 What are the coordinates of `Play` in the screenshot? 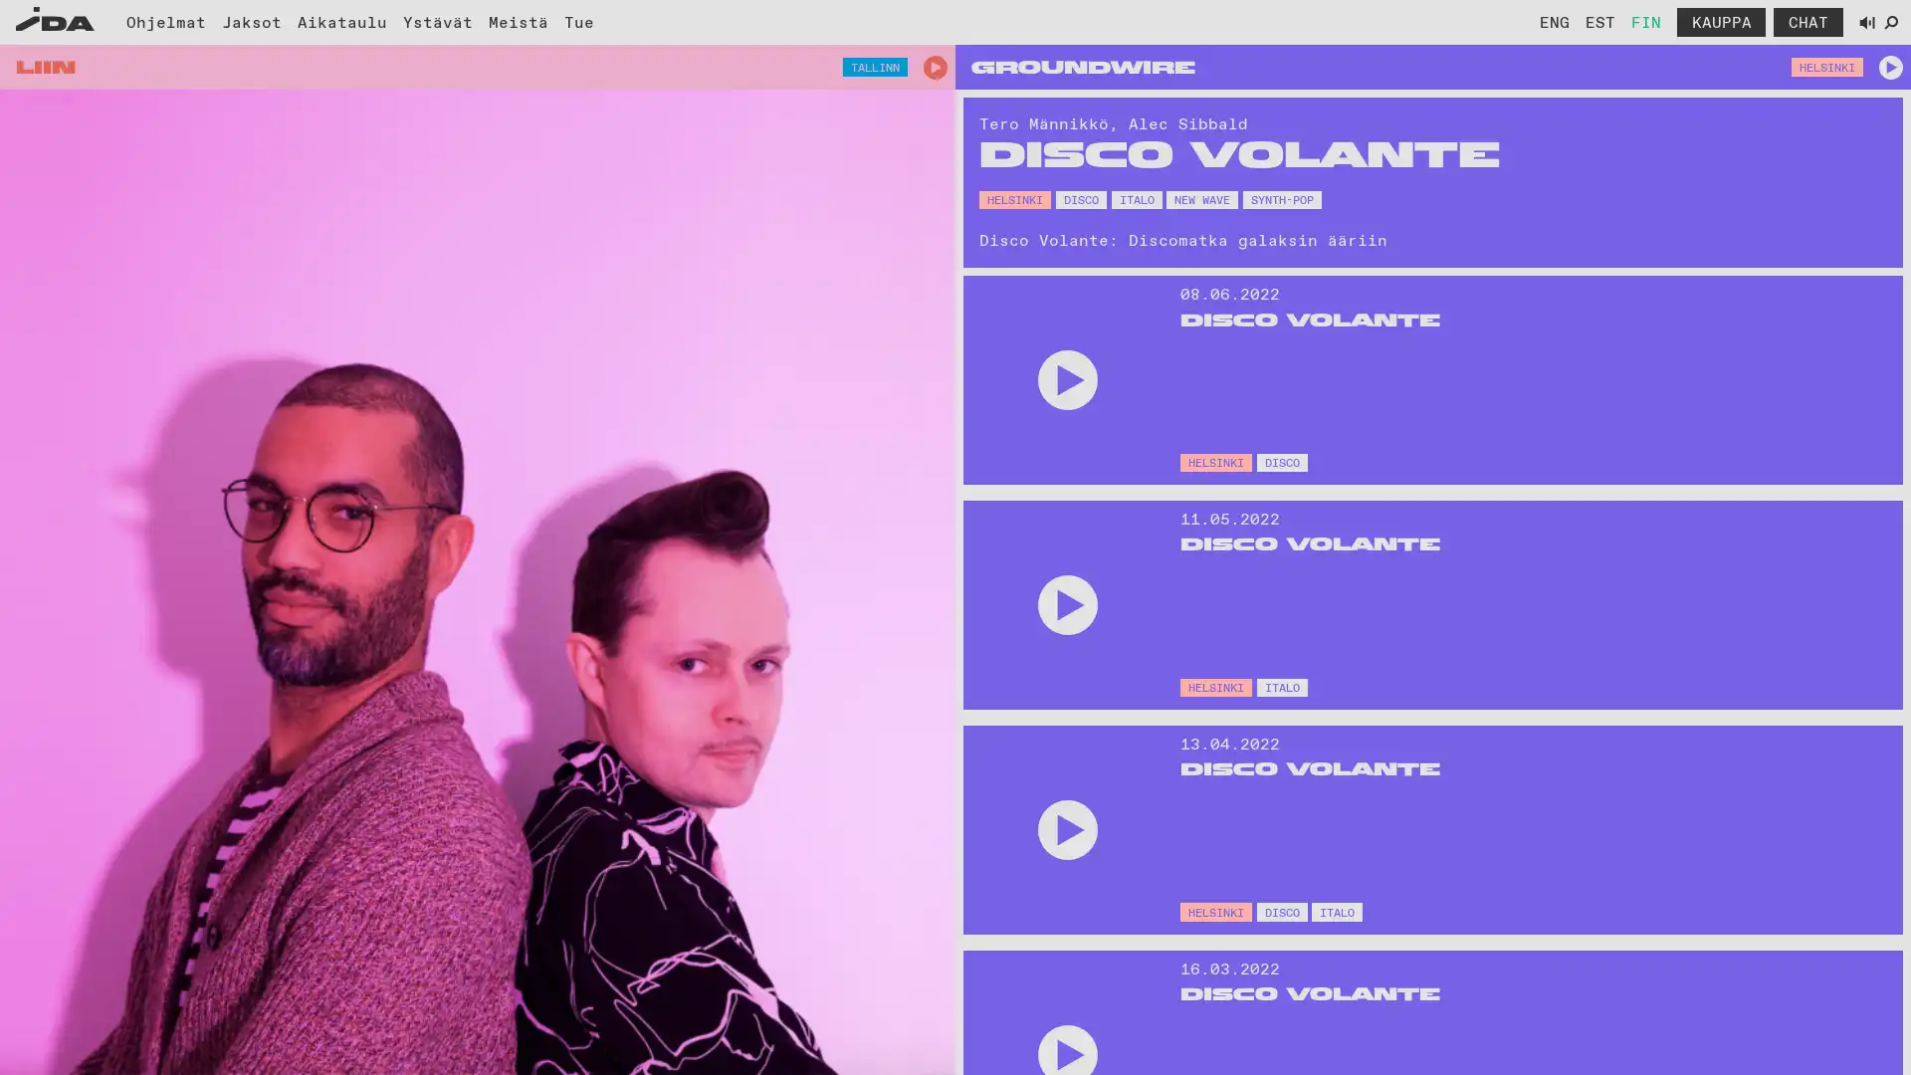 It's located at (1890, 65).